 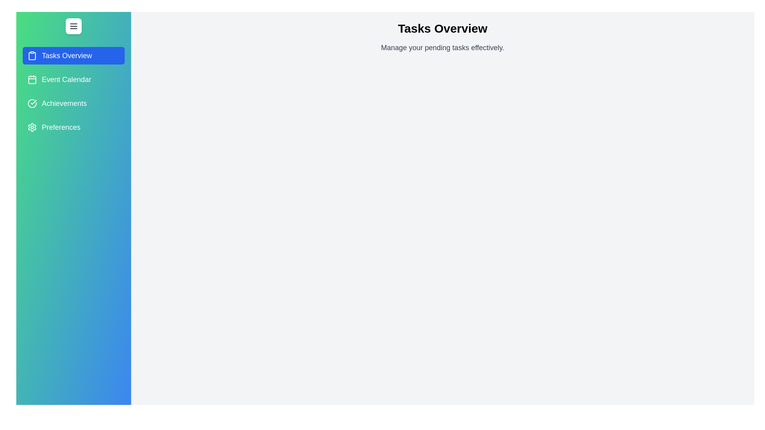 What do you see at coordinates (74, 103) in the screenshot?
I see `the tab Achievements to preview its interaction effects` at bounding box center [74, 103].